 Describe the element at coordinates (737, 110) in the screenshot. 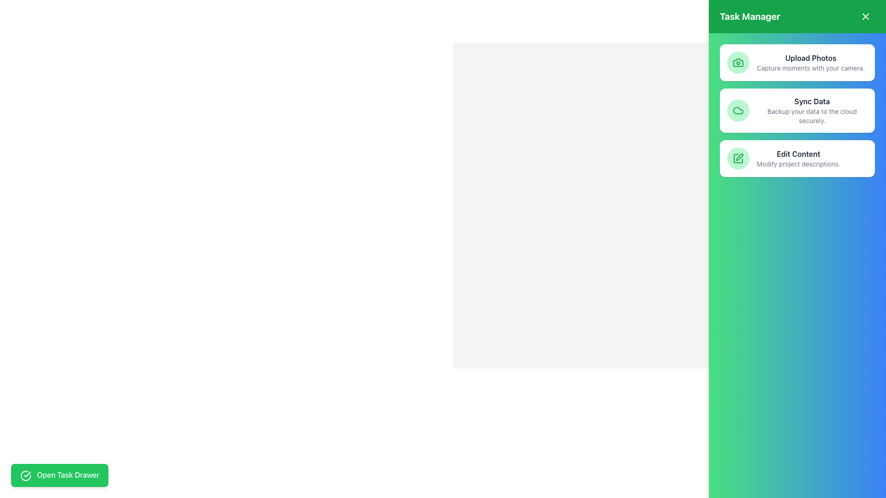

I see `the decorative 'Sync Data' icon located at the top-center of the second button's icon section in the Task Manager drawer` at that location.